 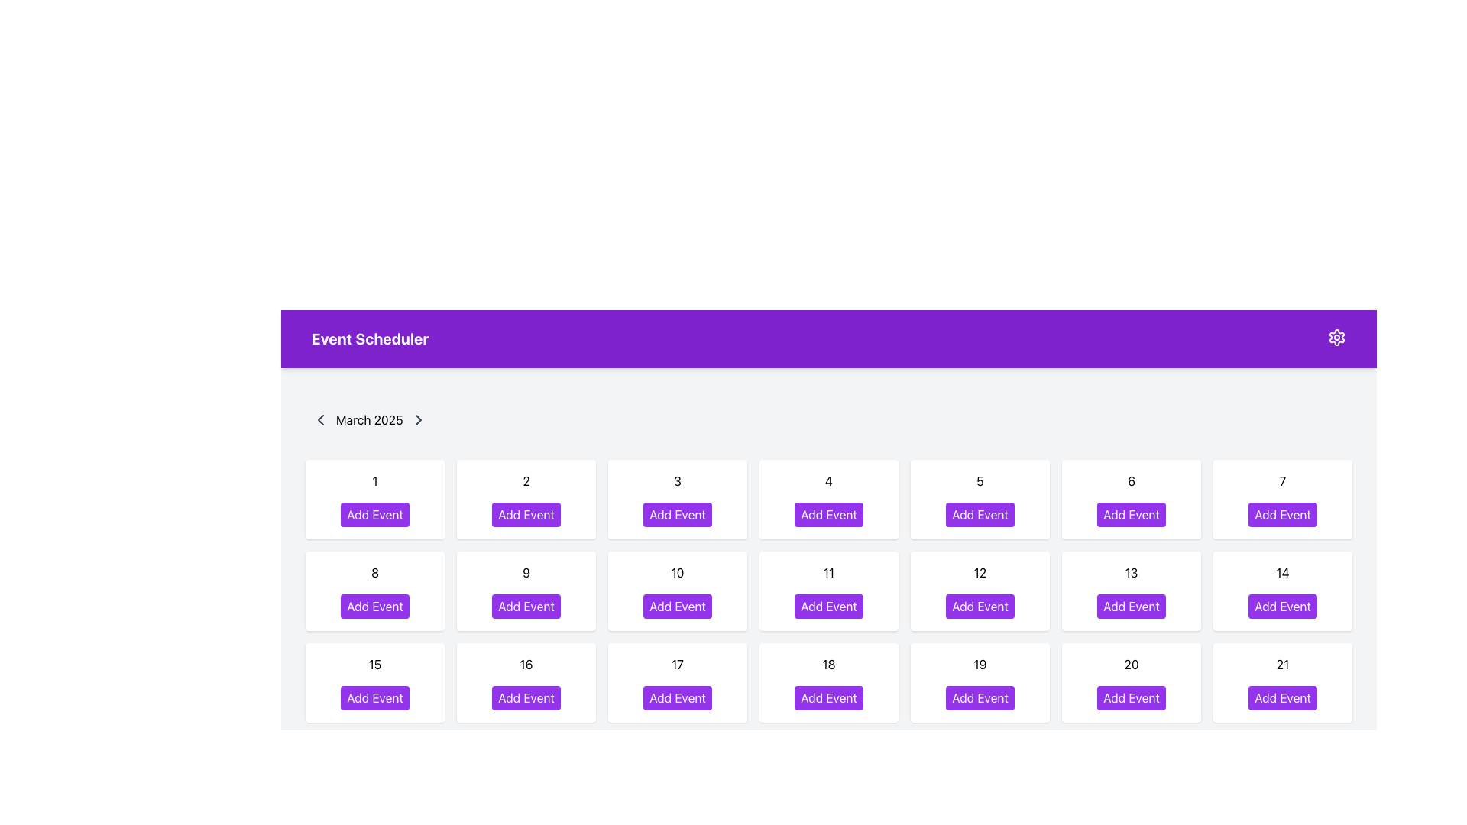 What do you see at coordinates (980, 606) in the screenshot?
I see `the button for adding an event on the 12th day of the month in the calendar grid` at bounding box center [980, 606].